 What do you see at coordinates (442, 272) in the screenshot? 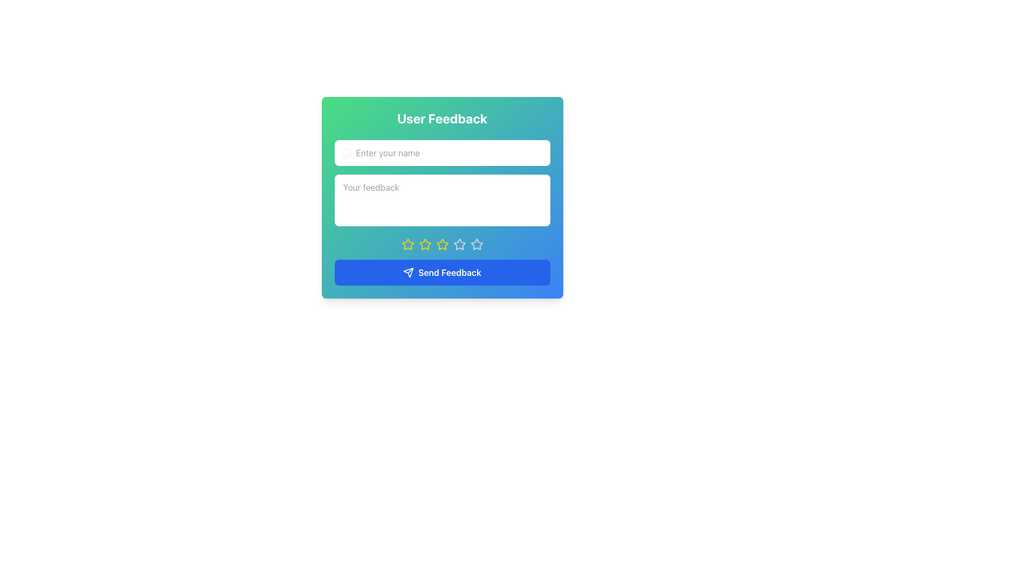
I see `the feedback submission button located at the bottom of the form layout, directly beneath the row of star icons used for rating` at bounding box center [442, 272].